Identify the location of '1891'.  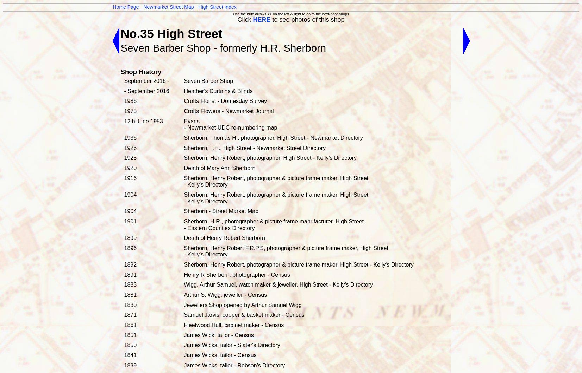
(130, 274).